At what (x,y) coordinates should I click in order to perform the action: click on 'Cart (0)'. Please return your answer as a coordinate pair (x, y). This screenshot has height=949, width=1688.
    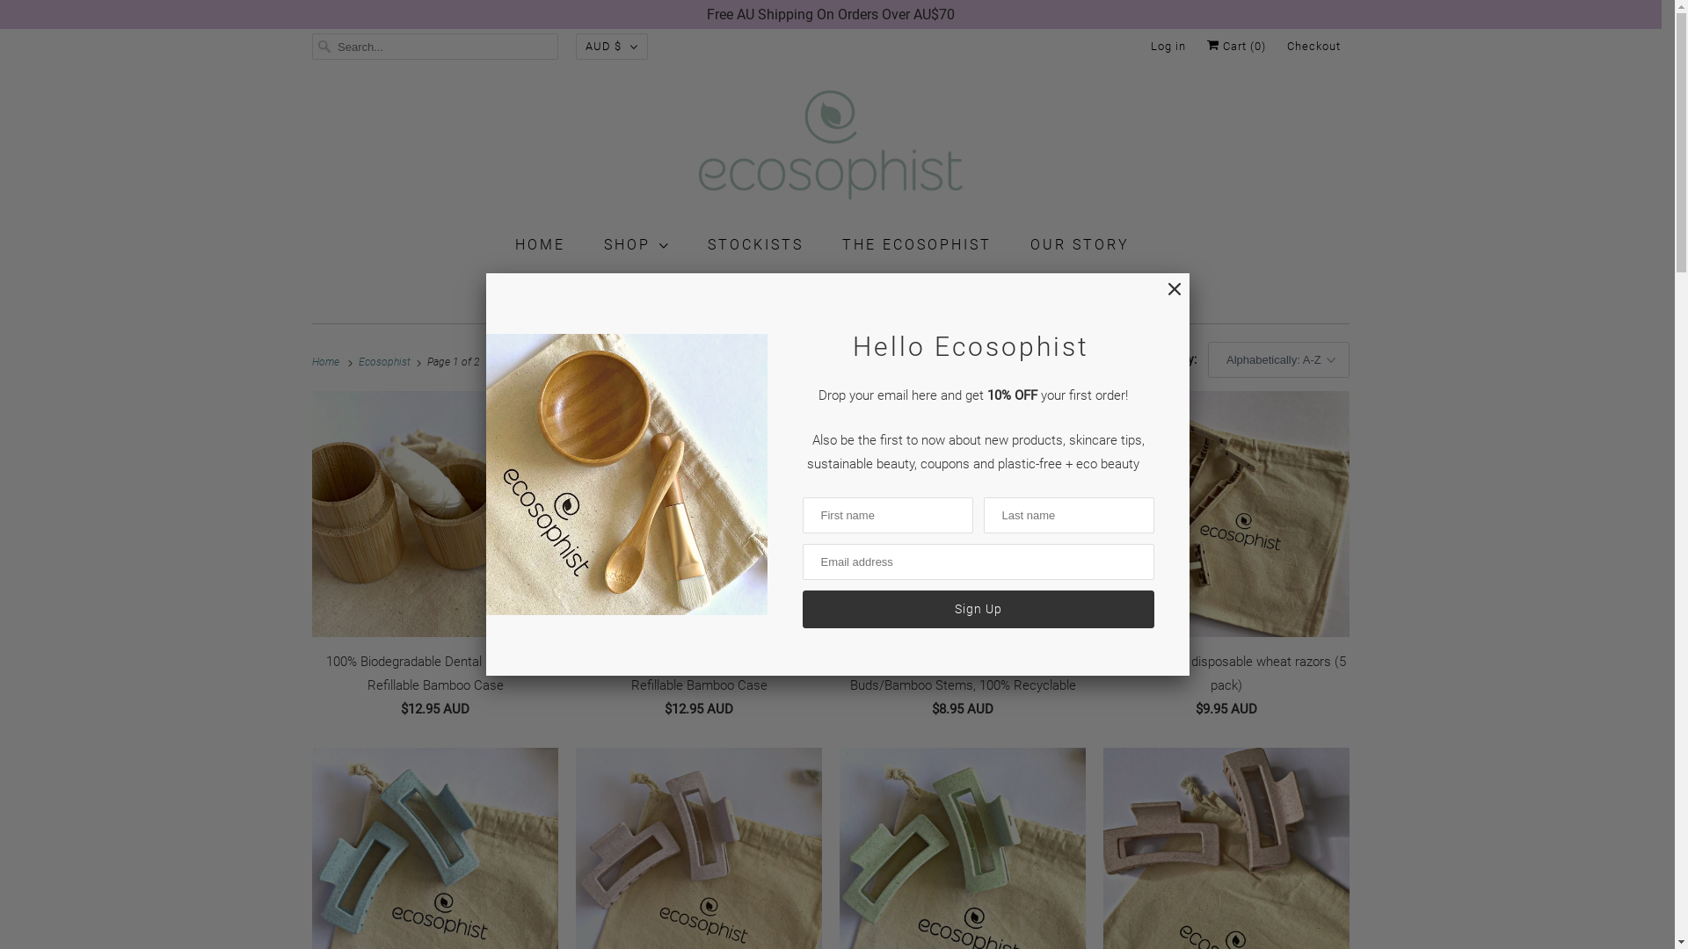
    Looking at the image, I should click on (1235, 46).